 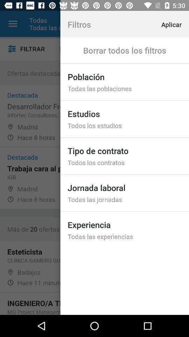 What do you see at coordinates (77, 48) in the screenshot?
I see `icon next to the estudios item` at bounding box center [77, 48].